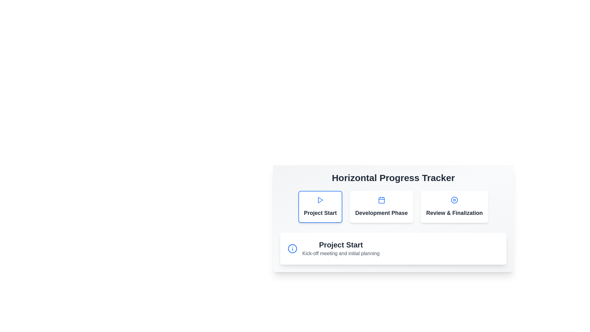 This screenshot has width=590, height=332. What do you see at coordinates (454, 213) in the screenshot?
I see `text content of the 'Review & Finalization' label, which is styled in a bold, large font with dark gray color, located in the last position of a horizontally aligned group of sections` at bounding box center [454, 213].